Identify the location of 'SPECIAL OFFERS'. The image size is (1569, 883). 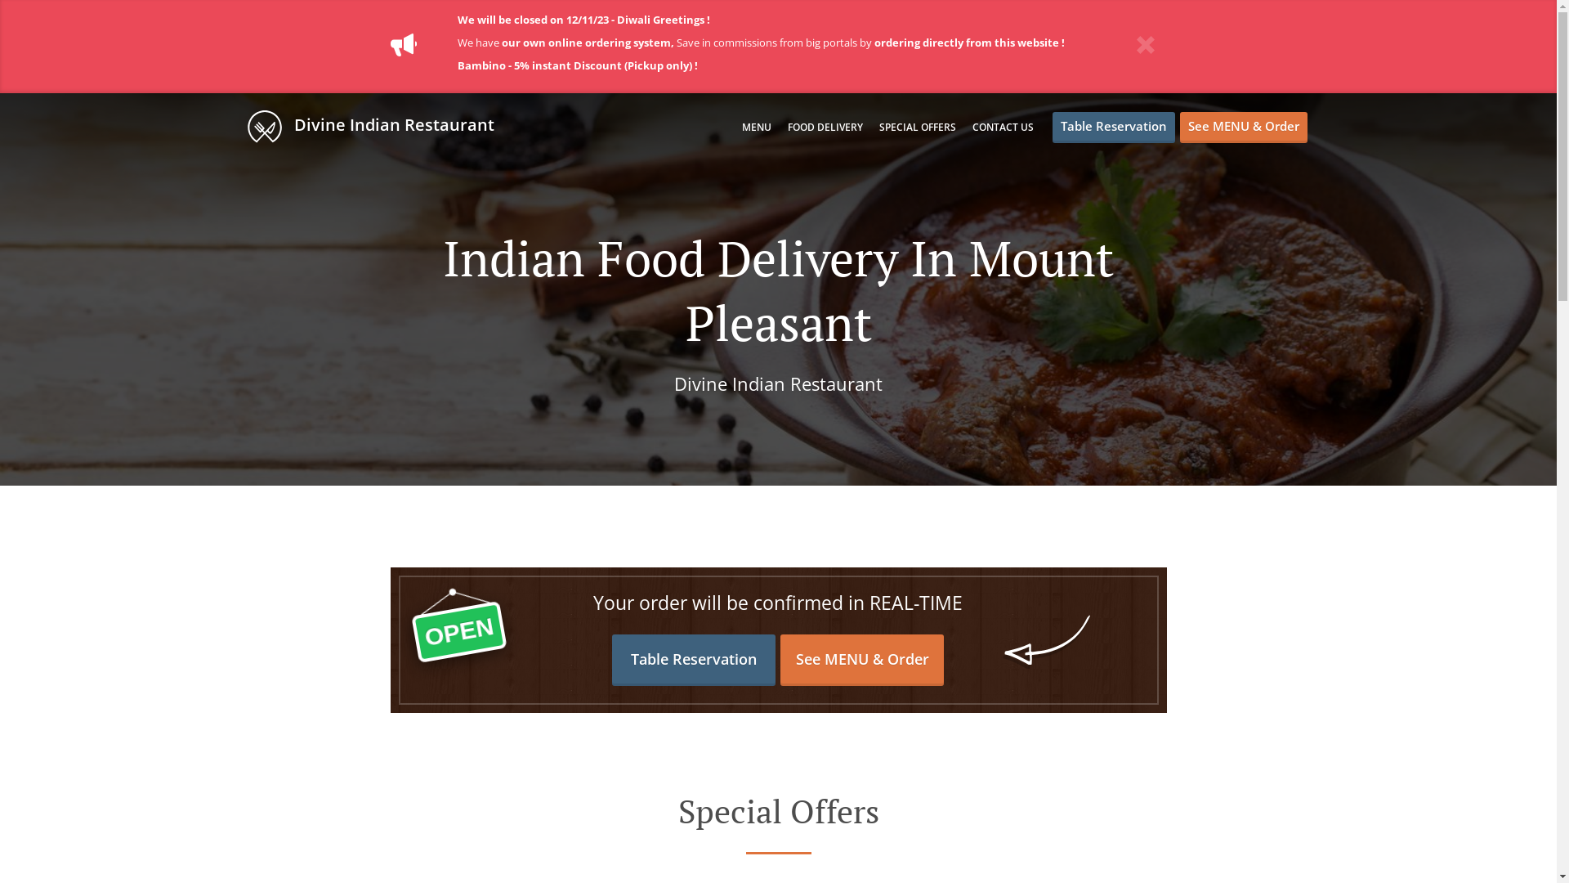
(878, 126).